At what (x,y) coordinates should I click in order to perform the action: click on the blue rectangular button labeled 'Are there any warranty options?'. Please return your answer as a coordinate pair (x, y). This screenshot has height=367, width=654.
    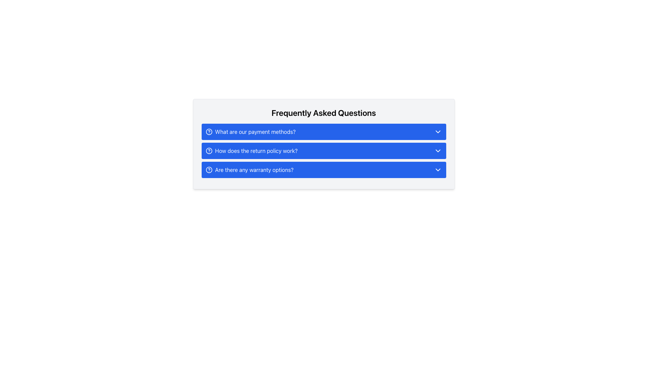
    Looking at the image, I should click on (323, 170).